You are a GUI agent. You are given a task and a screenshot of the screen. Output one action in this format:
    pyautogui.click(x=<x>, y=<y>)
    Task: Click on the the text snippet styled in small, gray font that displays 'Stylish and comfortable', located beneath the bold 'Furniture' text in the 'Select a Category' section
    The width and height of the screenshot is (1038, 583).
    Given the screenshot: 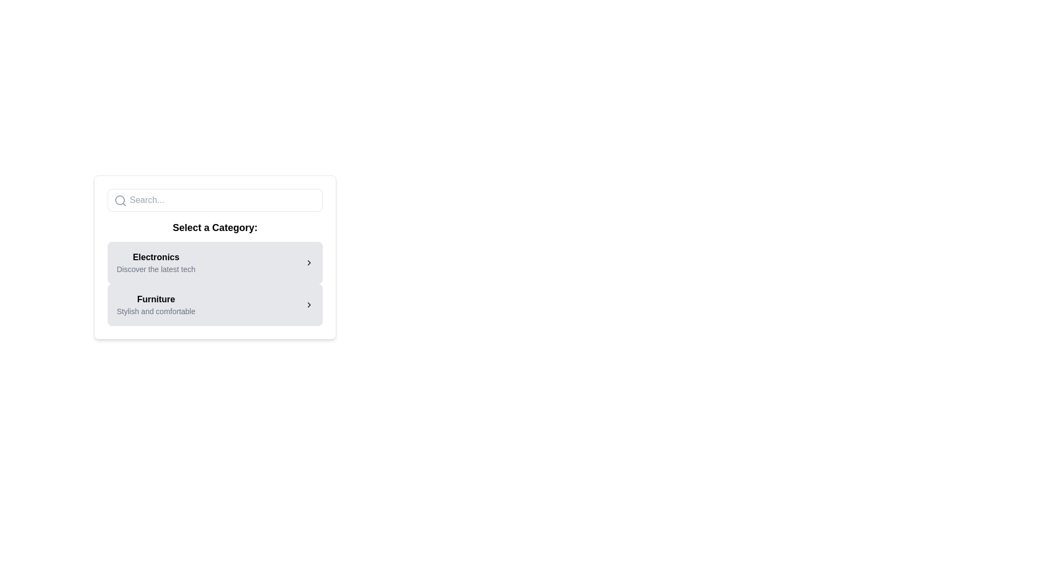 What is the action you would take?
    pyautogui.click(x=155, y=311)
    